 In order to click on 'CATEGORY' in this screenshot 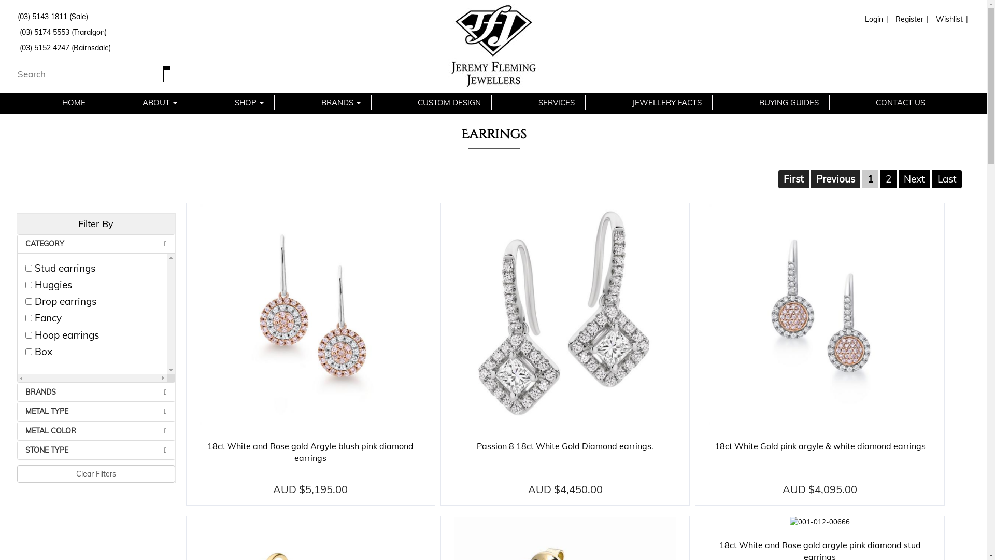, I will do `click(96, 244)`.